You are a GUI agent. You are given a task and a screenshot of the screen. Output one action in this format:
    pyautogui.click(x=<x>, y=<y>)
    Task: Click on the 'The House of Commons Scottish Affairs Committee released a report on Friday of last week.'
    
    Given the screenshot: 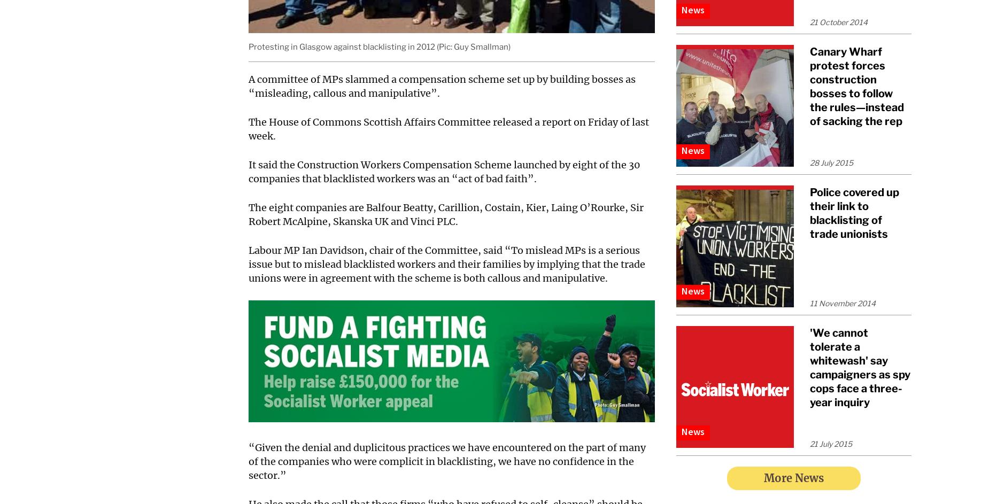 What is the action you would take?
    pyautogui.click(x=249, y=129)
    